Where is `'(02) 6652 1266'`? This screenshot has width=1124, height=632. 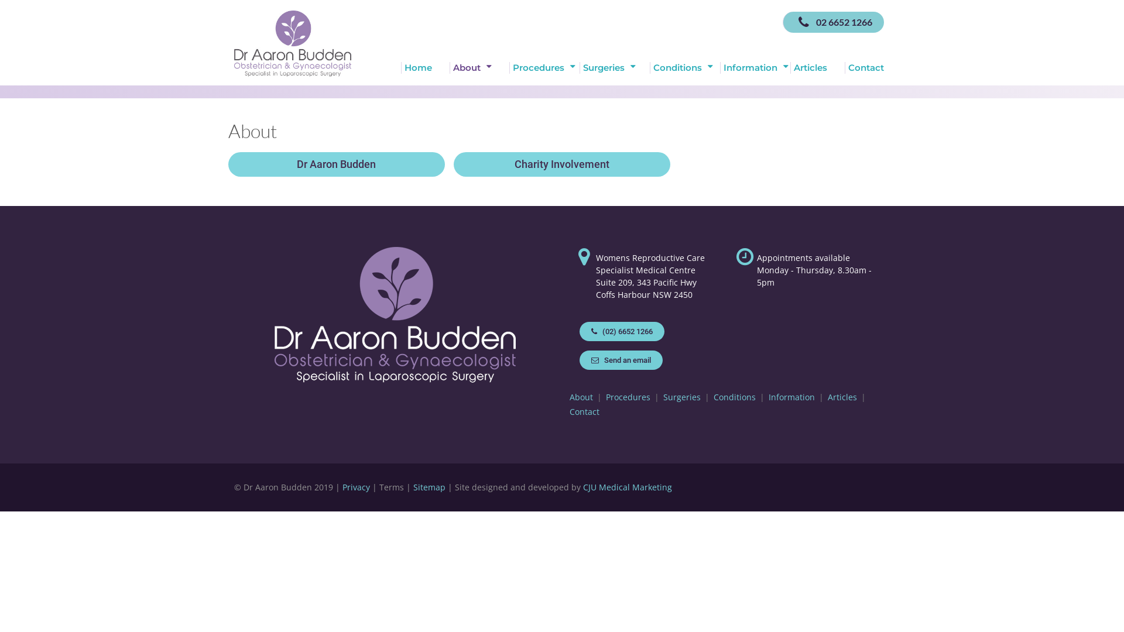 '(02) 6652 1266' is located at coordinates (621, 331).